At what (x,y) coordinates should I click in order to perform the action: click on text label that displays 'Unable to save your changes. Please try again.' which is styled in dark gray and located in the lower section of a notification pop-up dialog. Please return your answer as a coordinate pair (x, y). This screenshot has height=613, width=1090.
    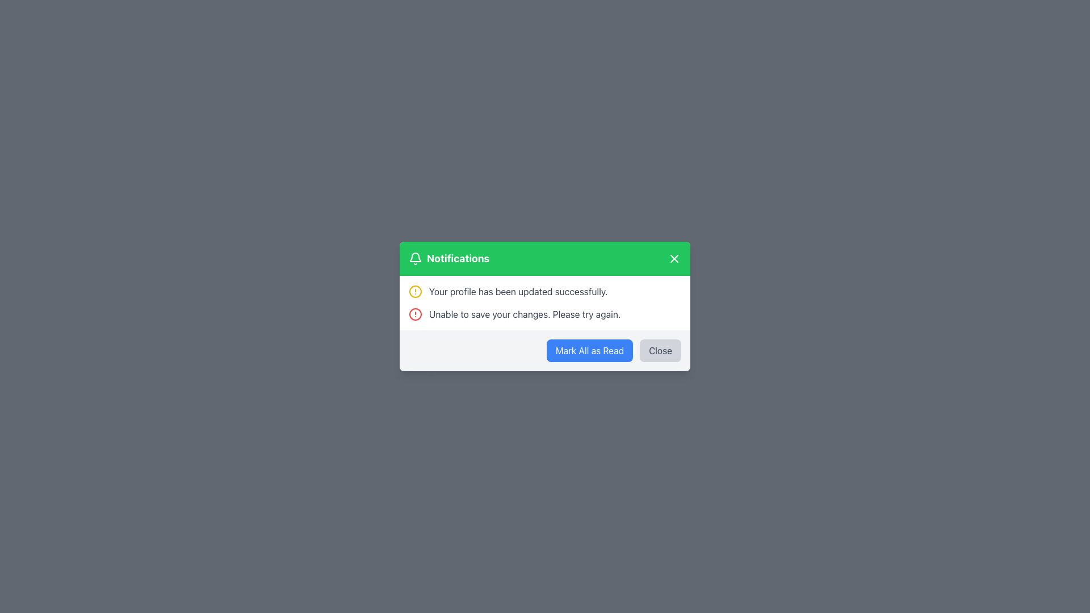
    Looking at the image, I should click on (524, 314).